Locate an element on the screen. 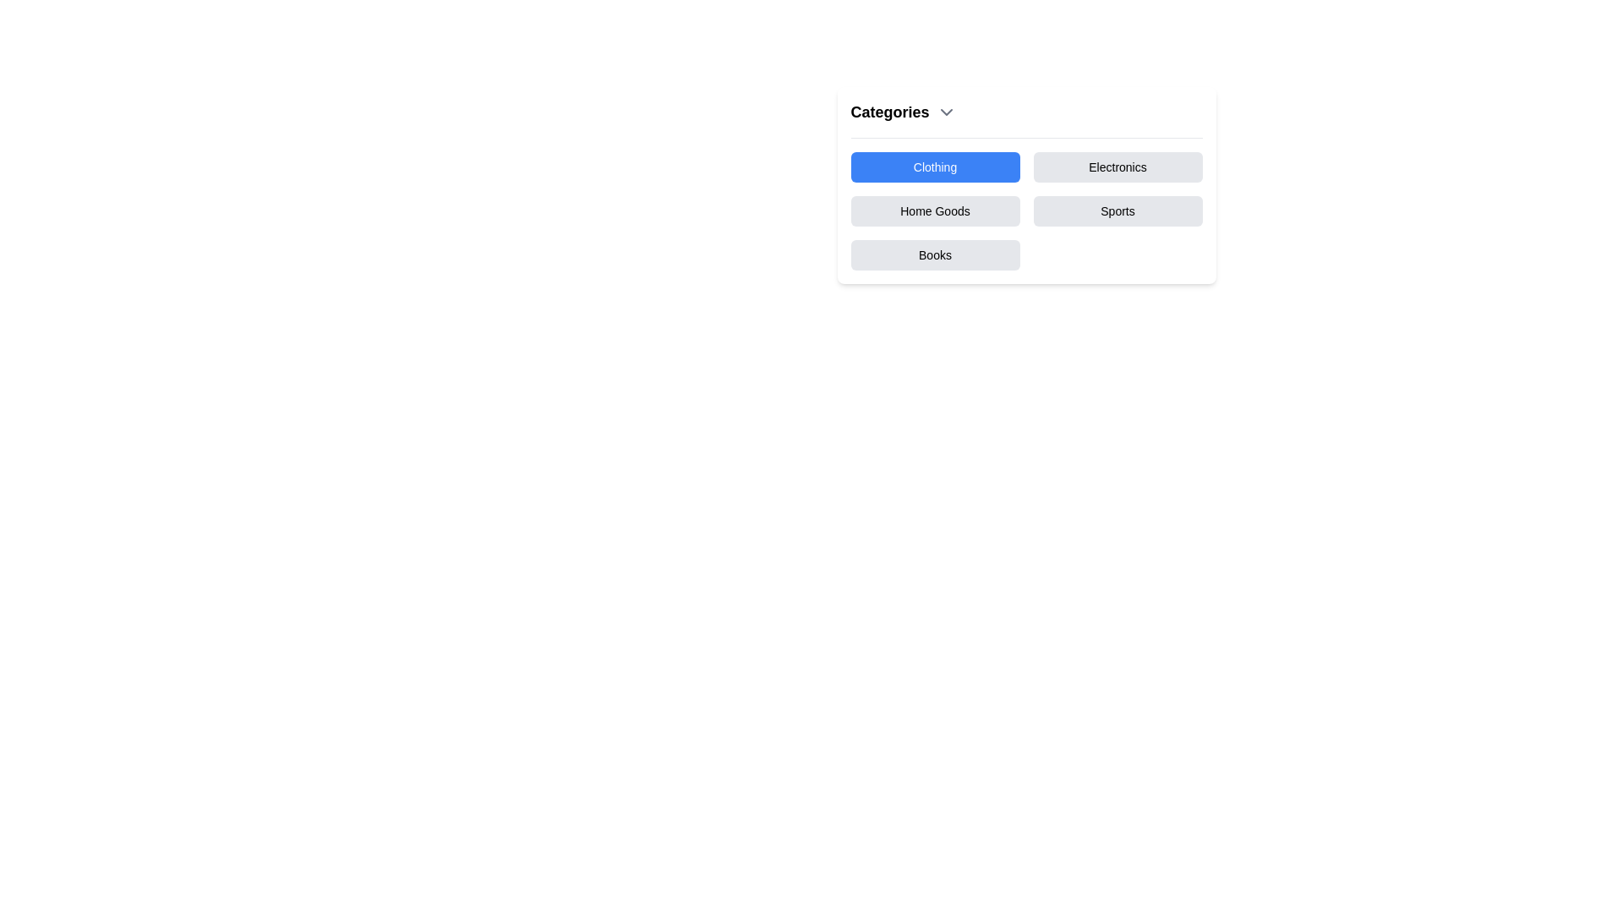 This screenshot has height=913, width=1623. the 'Home Goods' button, which is a rectangular button with rounded corners, located in the second row of a grid layout in the first column of a category selection interface is located at coordinates (934, 210).